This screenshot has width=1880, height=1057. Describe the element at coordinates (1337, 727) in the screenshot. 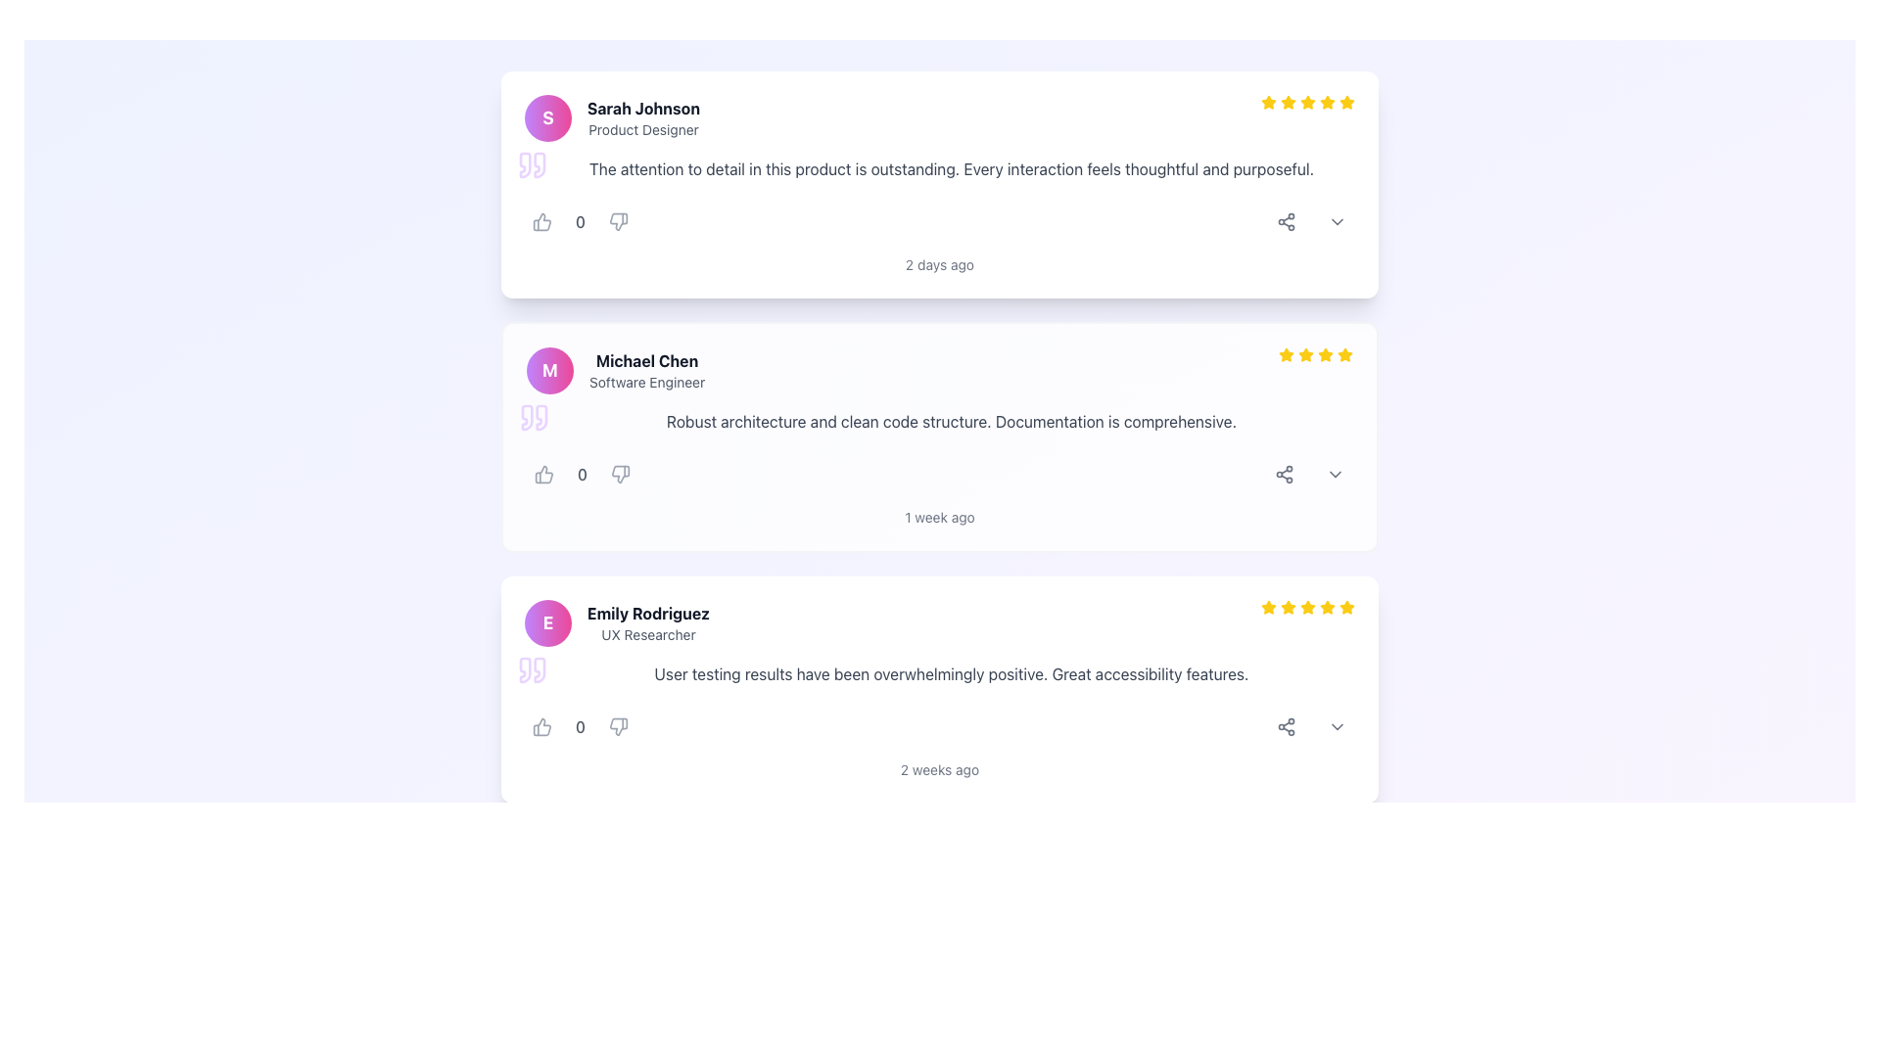

I see `the small circular button with a downward-facing chevron icon, located at the right end of the action bar at the bottom of the last card` at that location.